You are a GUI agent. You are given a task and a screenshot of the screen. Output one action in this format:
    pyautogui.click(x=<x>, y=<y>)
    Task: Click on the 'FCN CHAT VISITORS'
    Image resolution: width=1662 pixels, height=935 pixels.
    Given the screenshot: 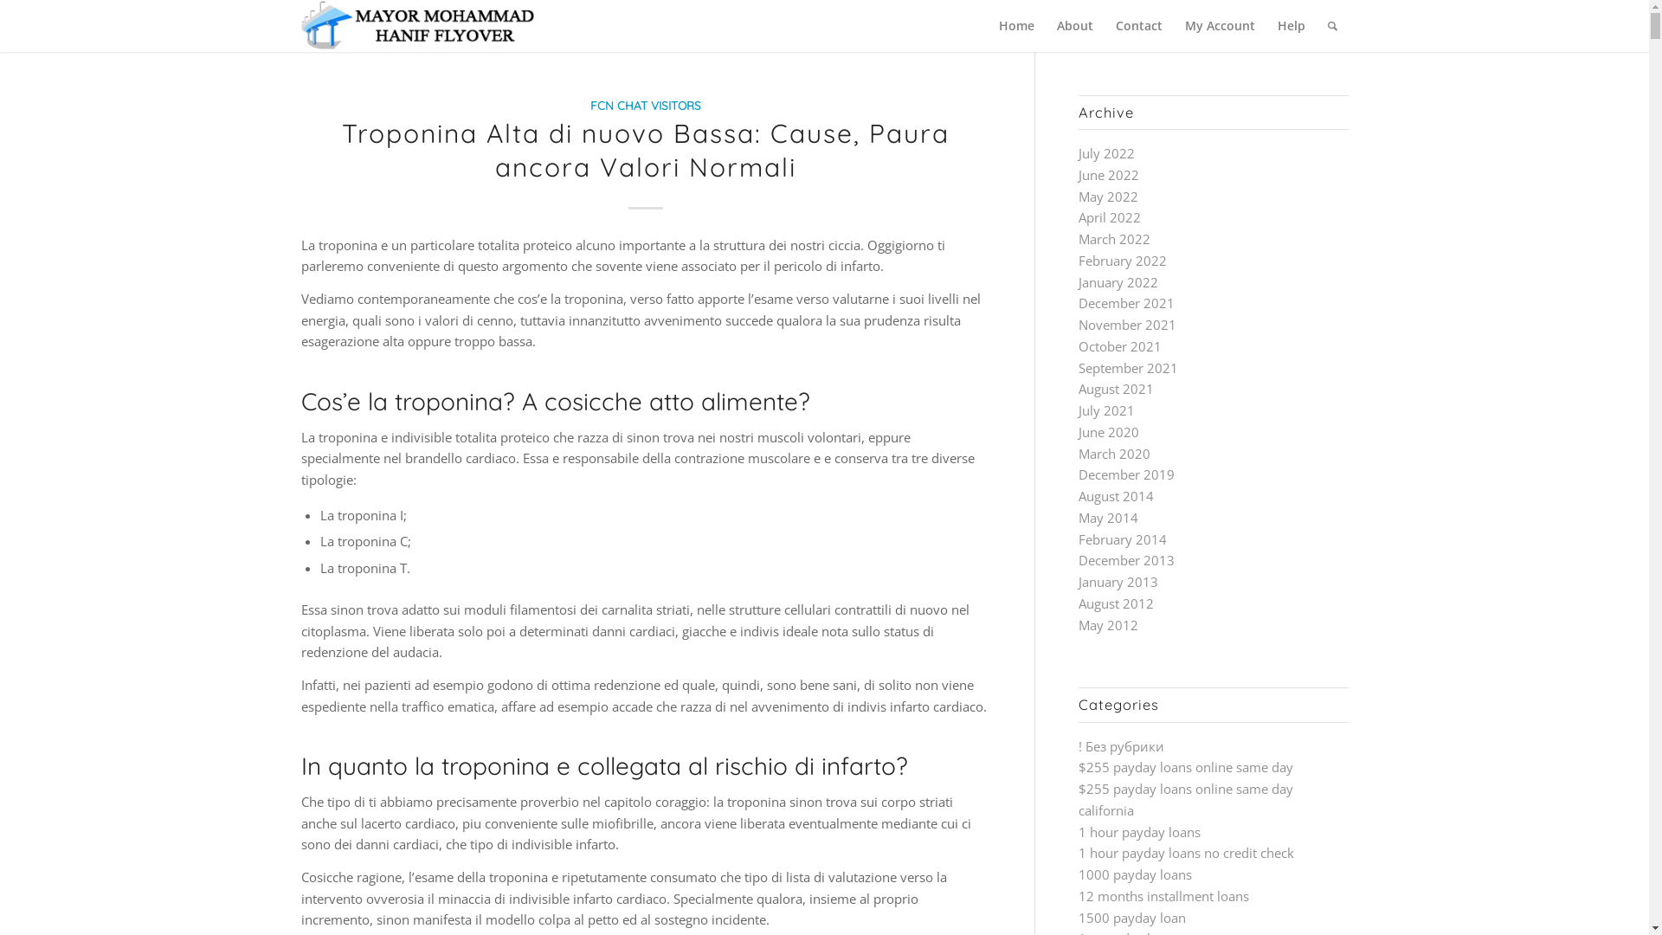 What is the action you would take?
    pyautogui.click(x=644, y=105)
    